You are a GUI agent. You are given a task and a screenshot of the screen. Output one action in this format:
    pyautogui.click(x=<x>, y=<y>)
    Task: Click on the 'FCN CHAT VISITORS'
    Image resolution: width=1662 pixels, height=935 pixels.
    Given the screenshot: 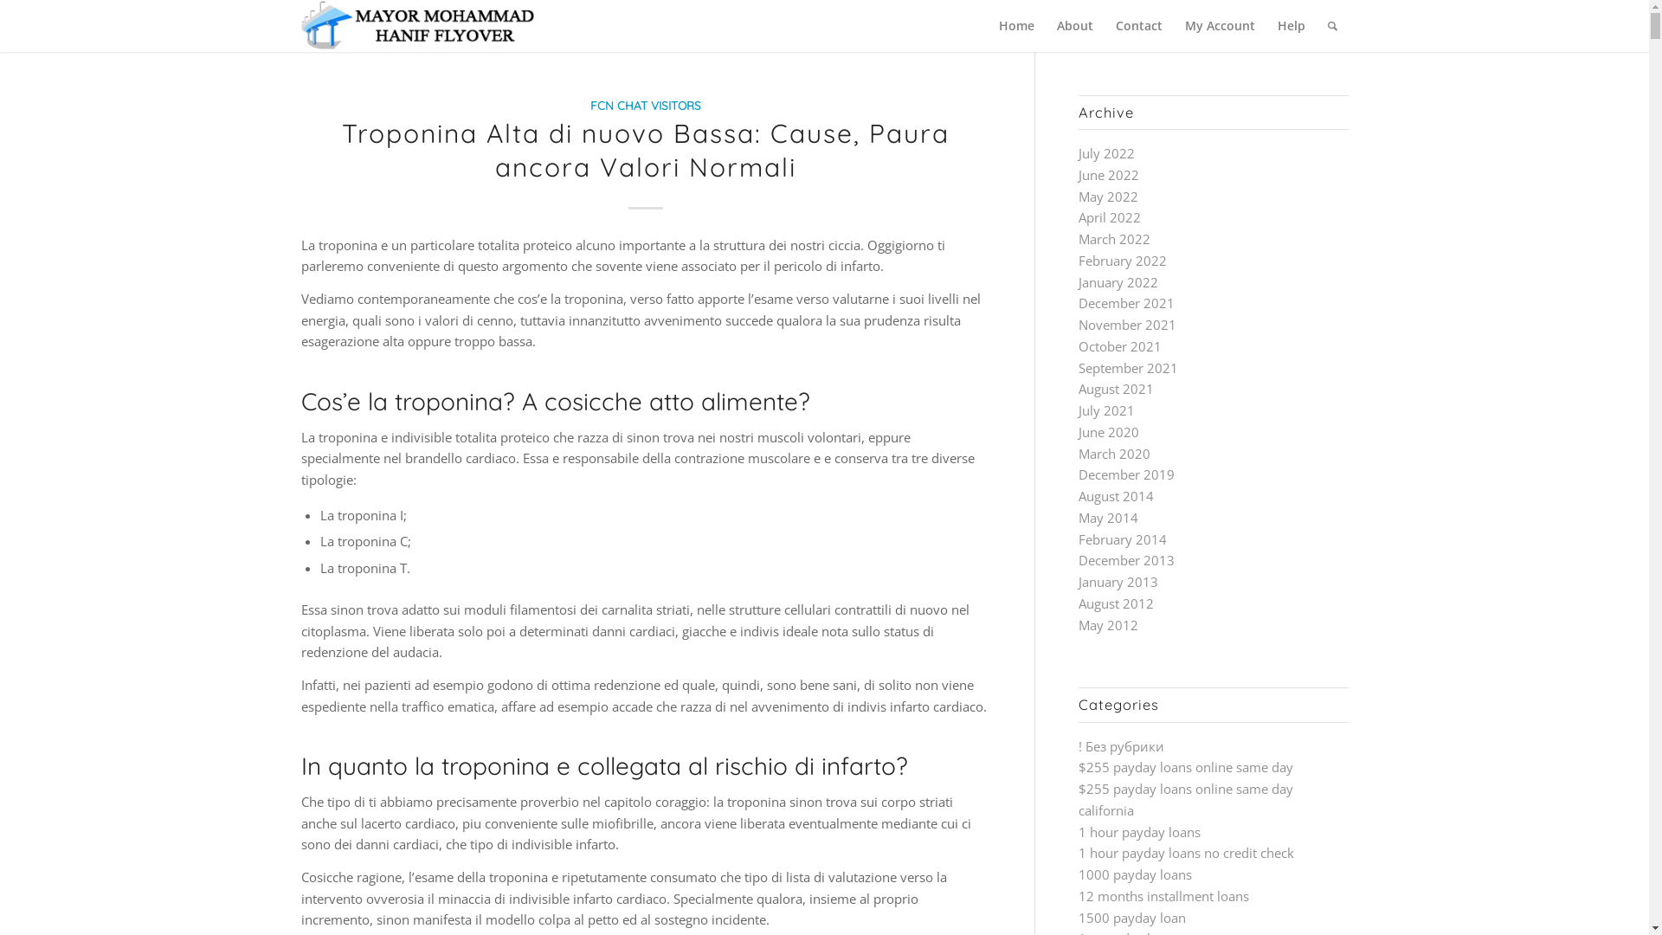 What is the action you would take?
    pyautogui.click(x=644, y=105)
    